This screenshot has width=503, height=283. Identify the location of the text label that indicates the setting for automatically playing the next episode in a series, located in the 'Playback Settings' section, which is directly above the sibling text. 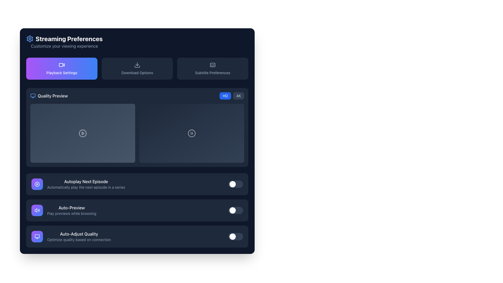
(86, 181).